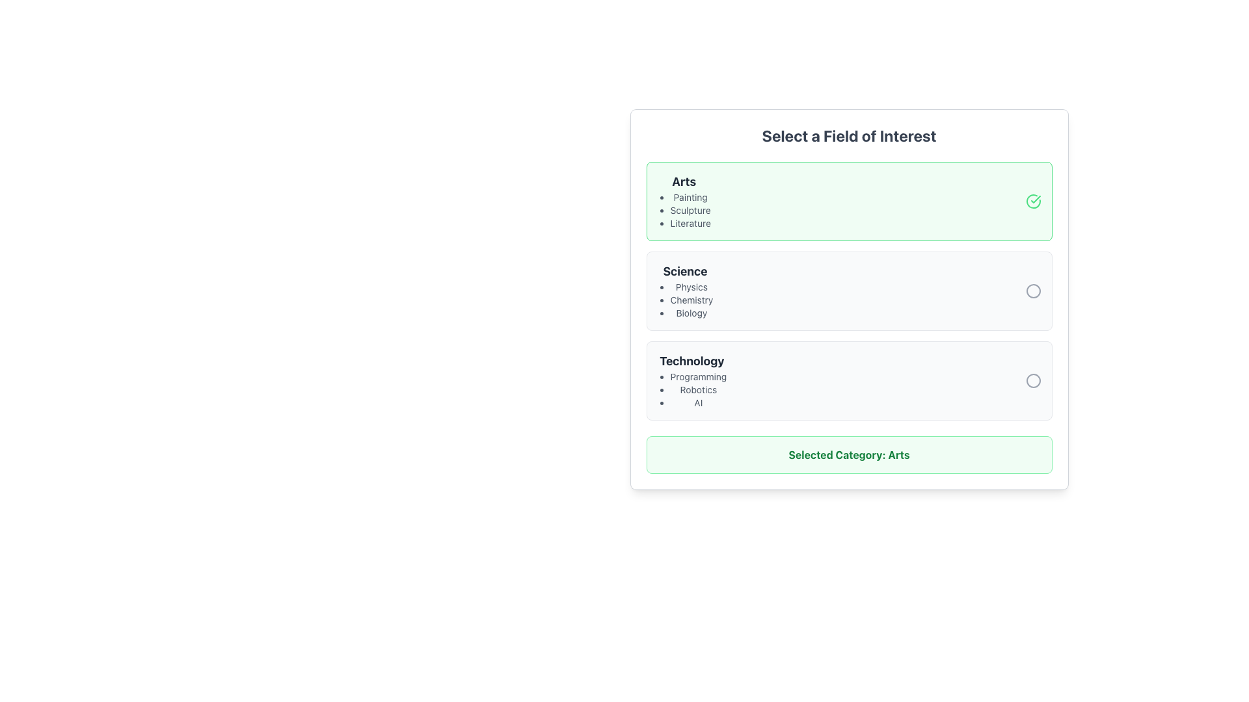  I want to click on the text label displaying 'Painting', which is the first item in the 'Arts' list, styled in gray font and slightly smaller than surrounding headings, so click(690, 198).